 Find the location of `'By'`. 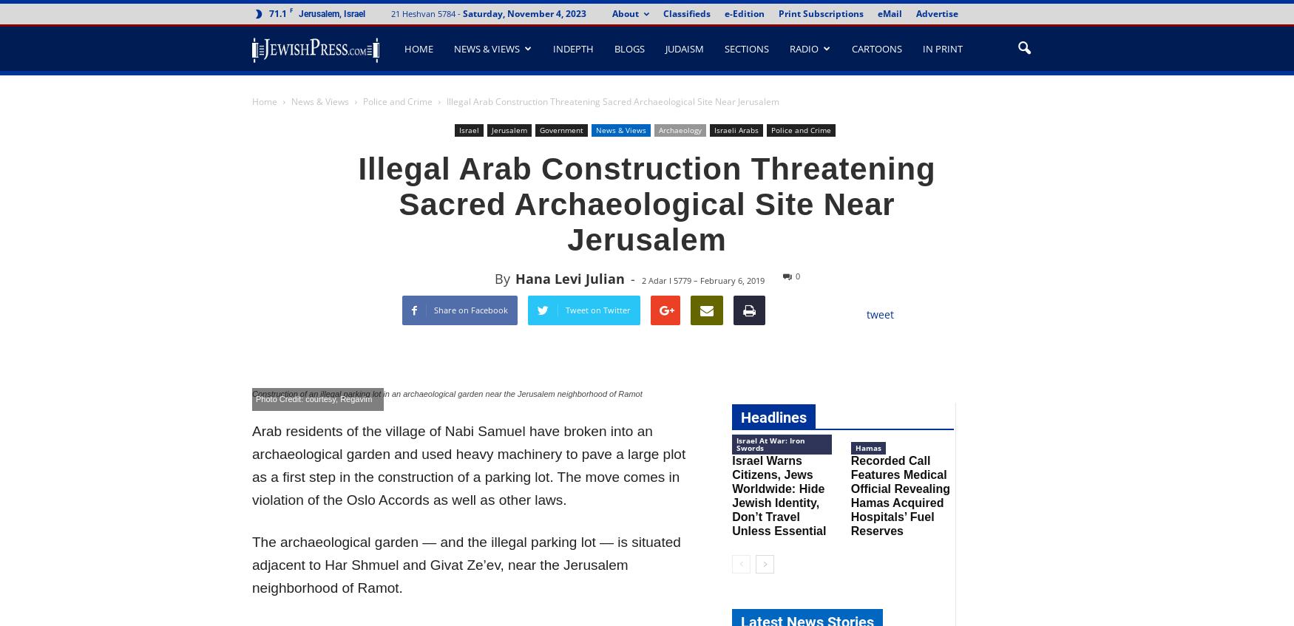

'By' is located at coordinates (501, 277).